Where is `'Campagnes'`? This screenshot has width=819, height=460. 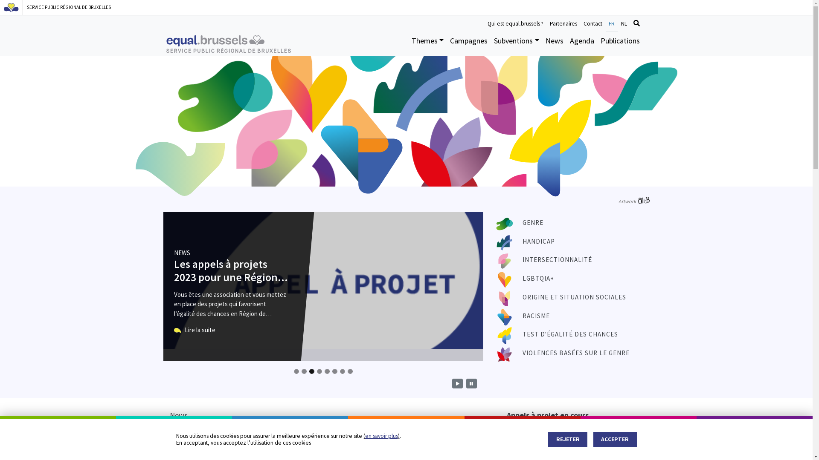 'Campagnes' is located at coordinates (468, 43).